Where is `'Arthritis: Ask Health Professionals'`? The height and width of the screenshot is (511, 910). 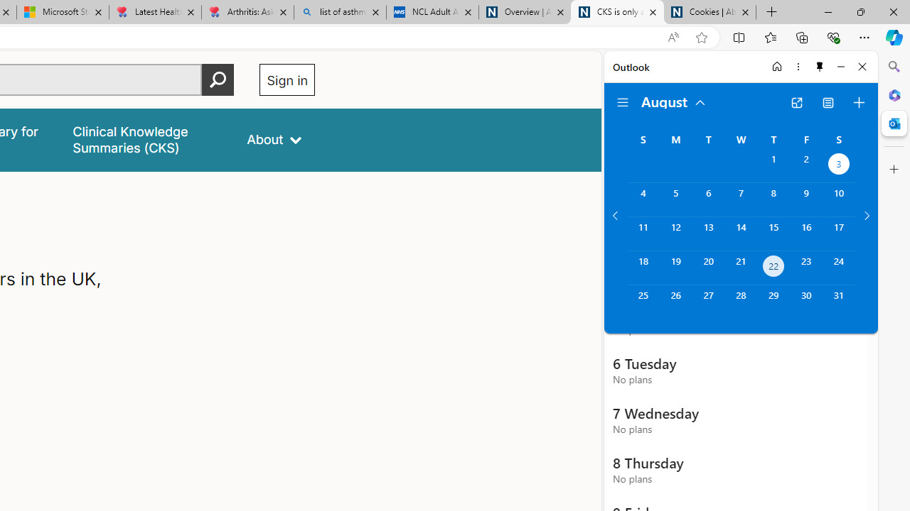 'Arthritis: Ask Health Professionals' is located at coordinates (247, 12).